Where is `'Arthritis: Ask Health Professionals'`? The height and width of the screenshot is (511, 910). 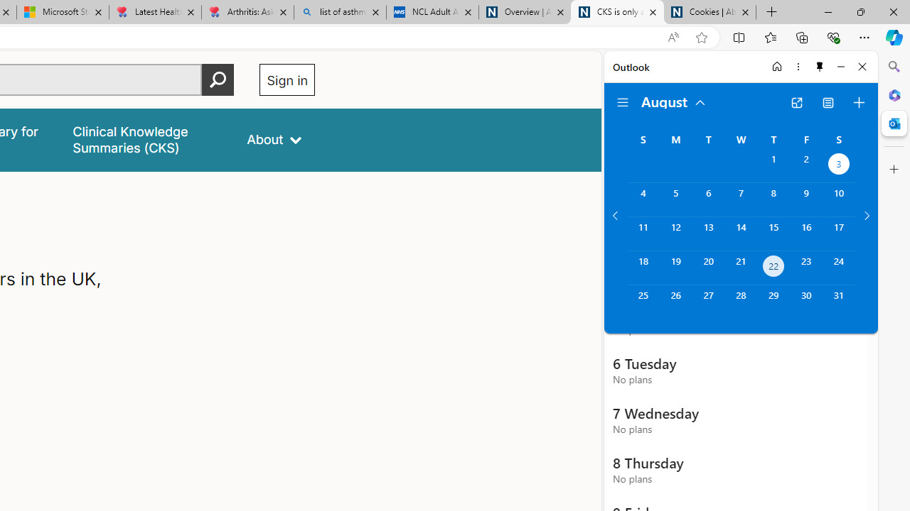 'Arthritis: Ask Health Professionals' is located at coordinates (247, 12).